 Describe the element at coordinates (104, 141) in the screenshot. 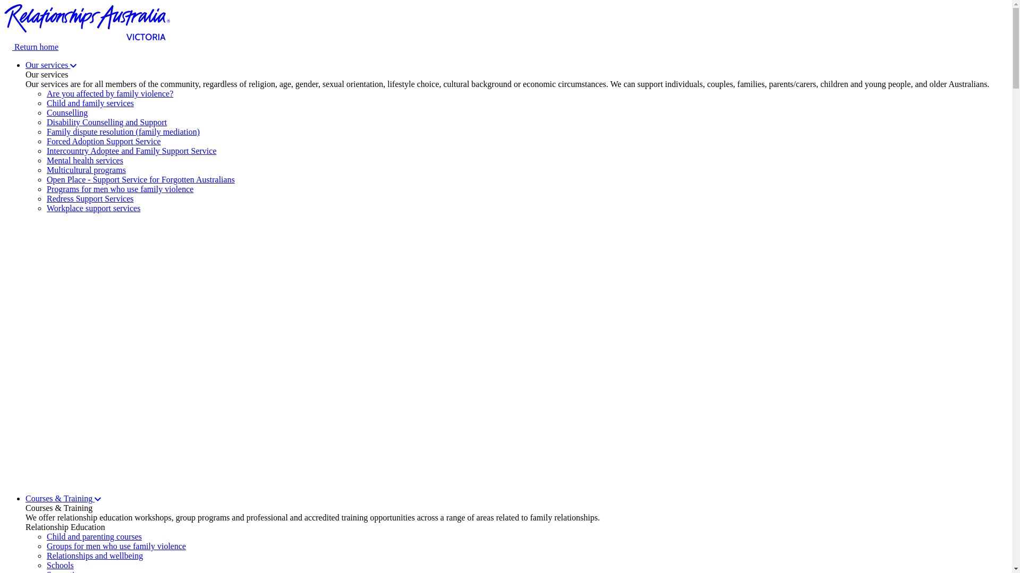

I see `'Forced Adoption Support Service'` at that location.